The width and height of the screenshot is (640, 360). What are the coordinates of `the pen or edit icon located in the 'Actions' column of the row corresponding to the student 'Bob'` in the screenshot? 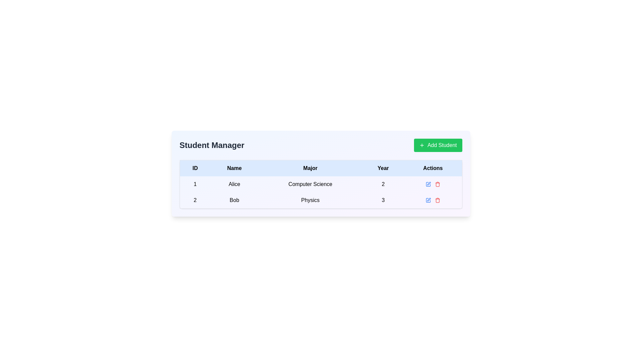 It's located at (429, 199).